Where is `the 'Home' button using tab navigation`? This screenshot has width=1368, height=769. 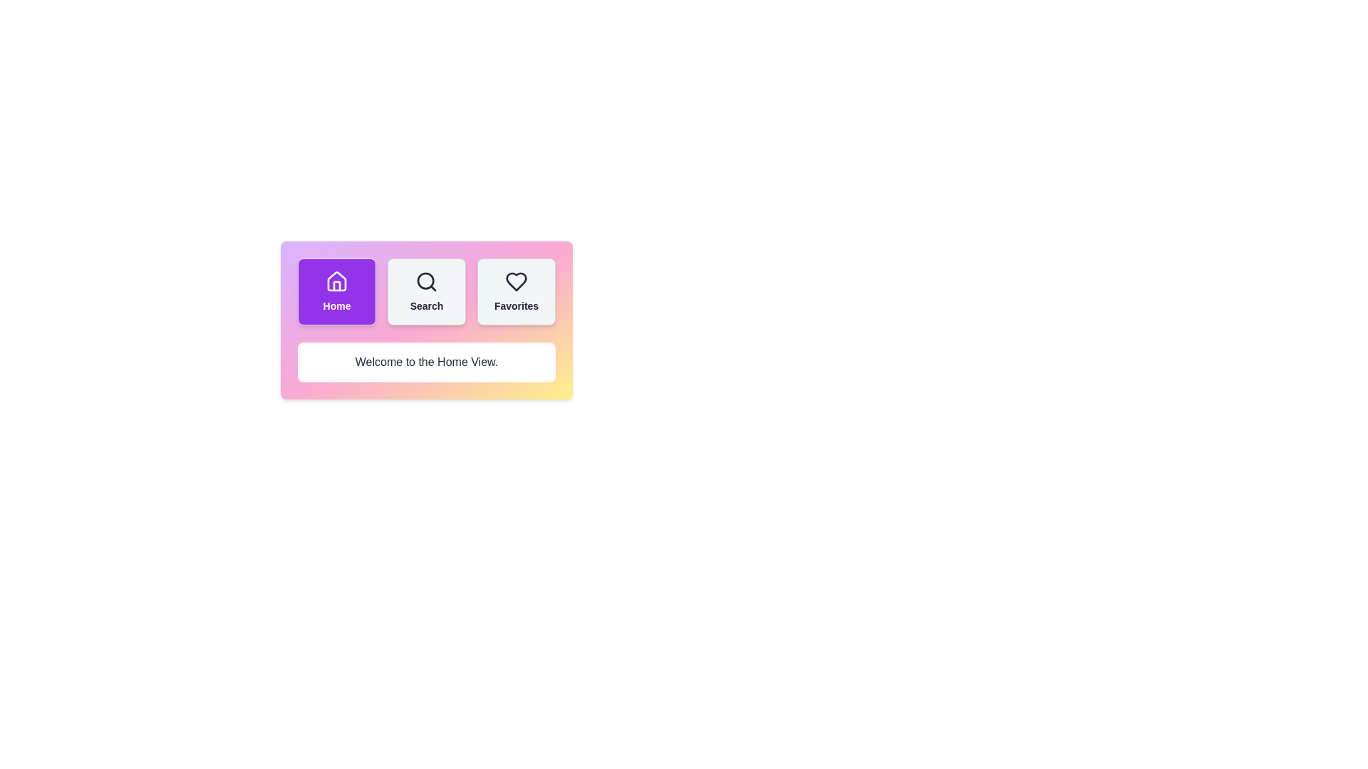
the 'Home' button using tab navigation is located at coordinates (336, 291).